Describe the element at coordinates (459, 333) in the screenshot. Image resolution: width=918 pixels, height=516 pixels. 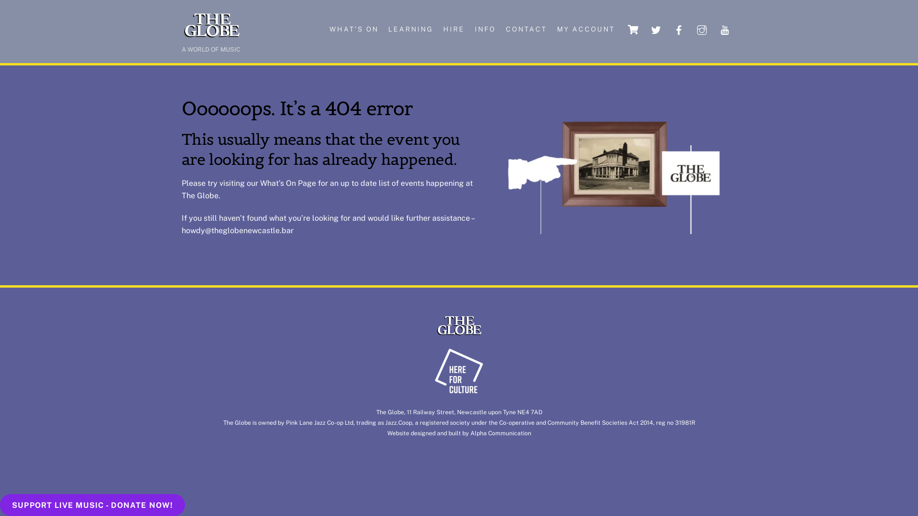
I see `'The Globe'` at that location.